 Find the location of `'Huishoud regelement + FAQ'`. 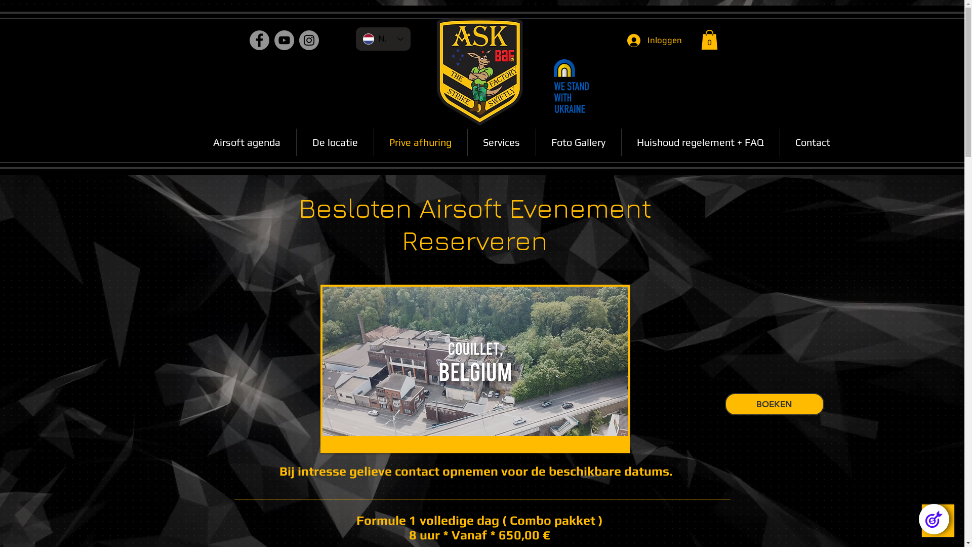

'Huishoud regelement + FAQ' is located at coordinates (700, 142).